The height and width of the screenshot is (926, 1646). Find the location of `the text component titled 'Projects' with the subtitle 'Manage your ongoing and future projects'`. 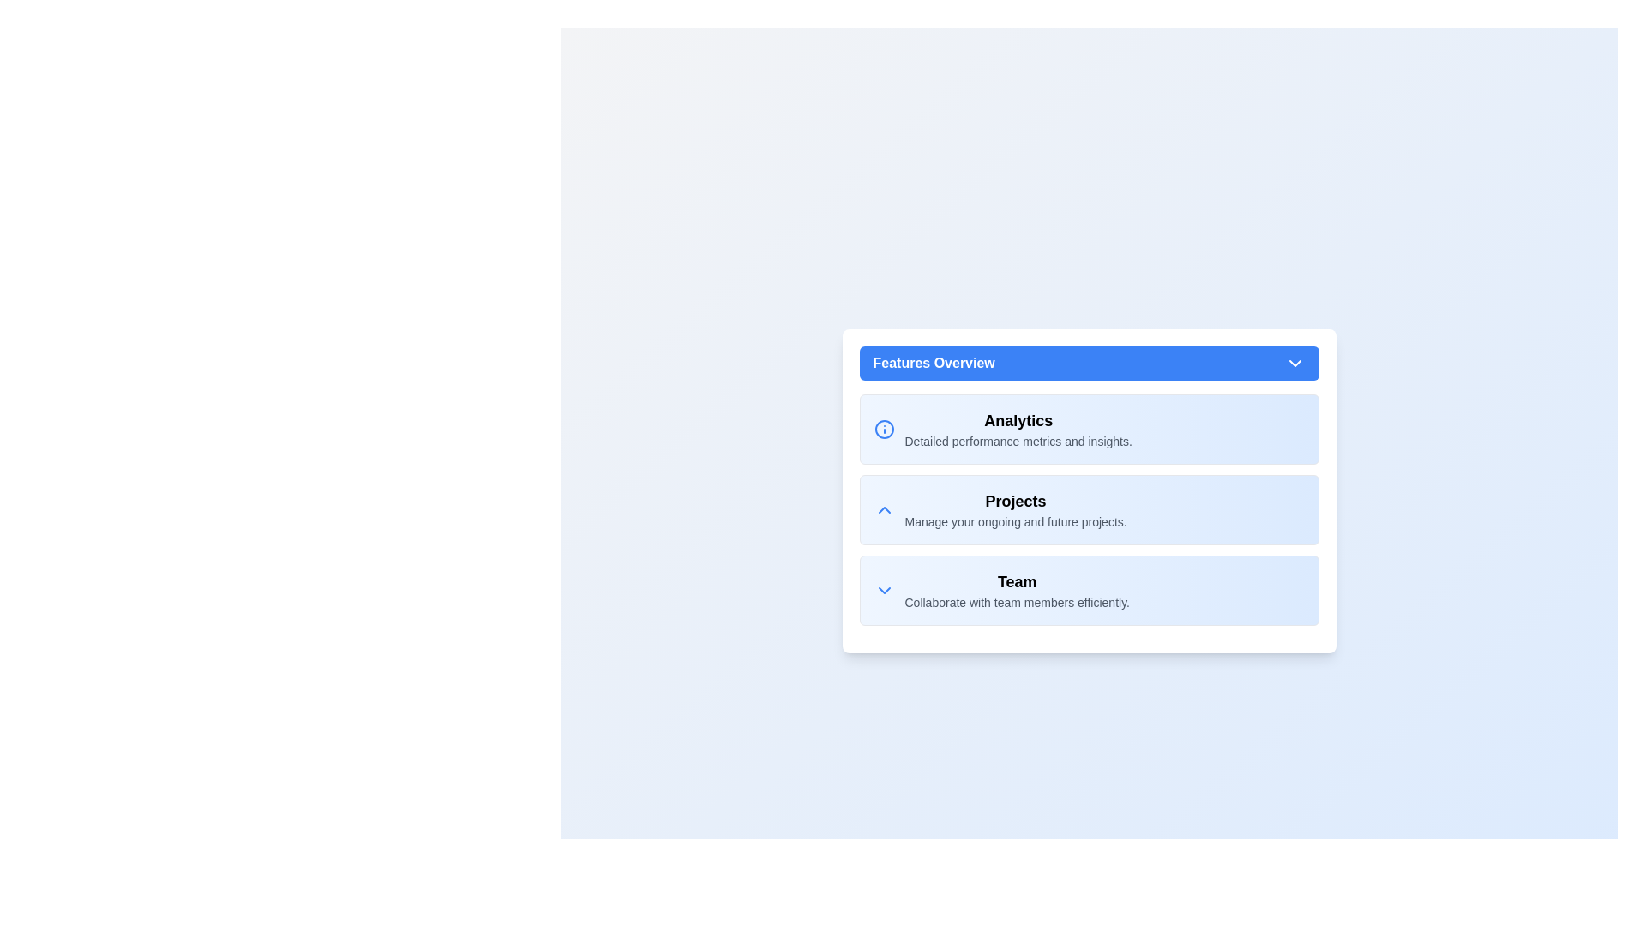

the text component titled 'Projects' with the subtitle 'Manage your ongoing and future projects' is located at coordinates (1016, 508).